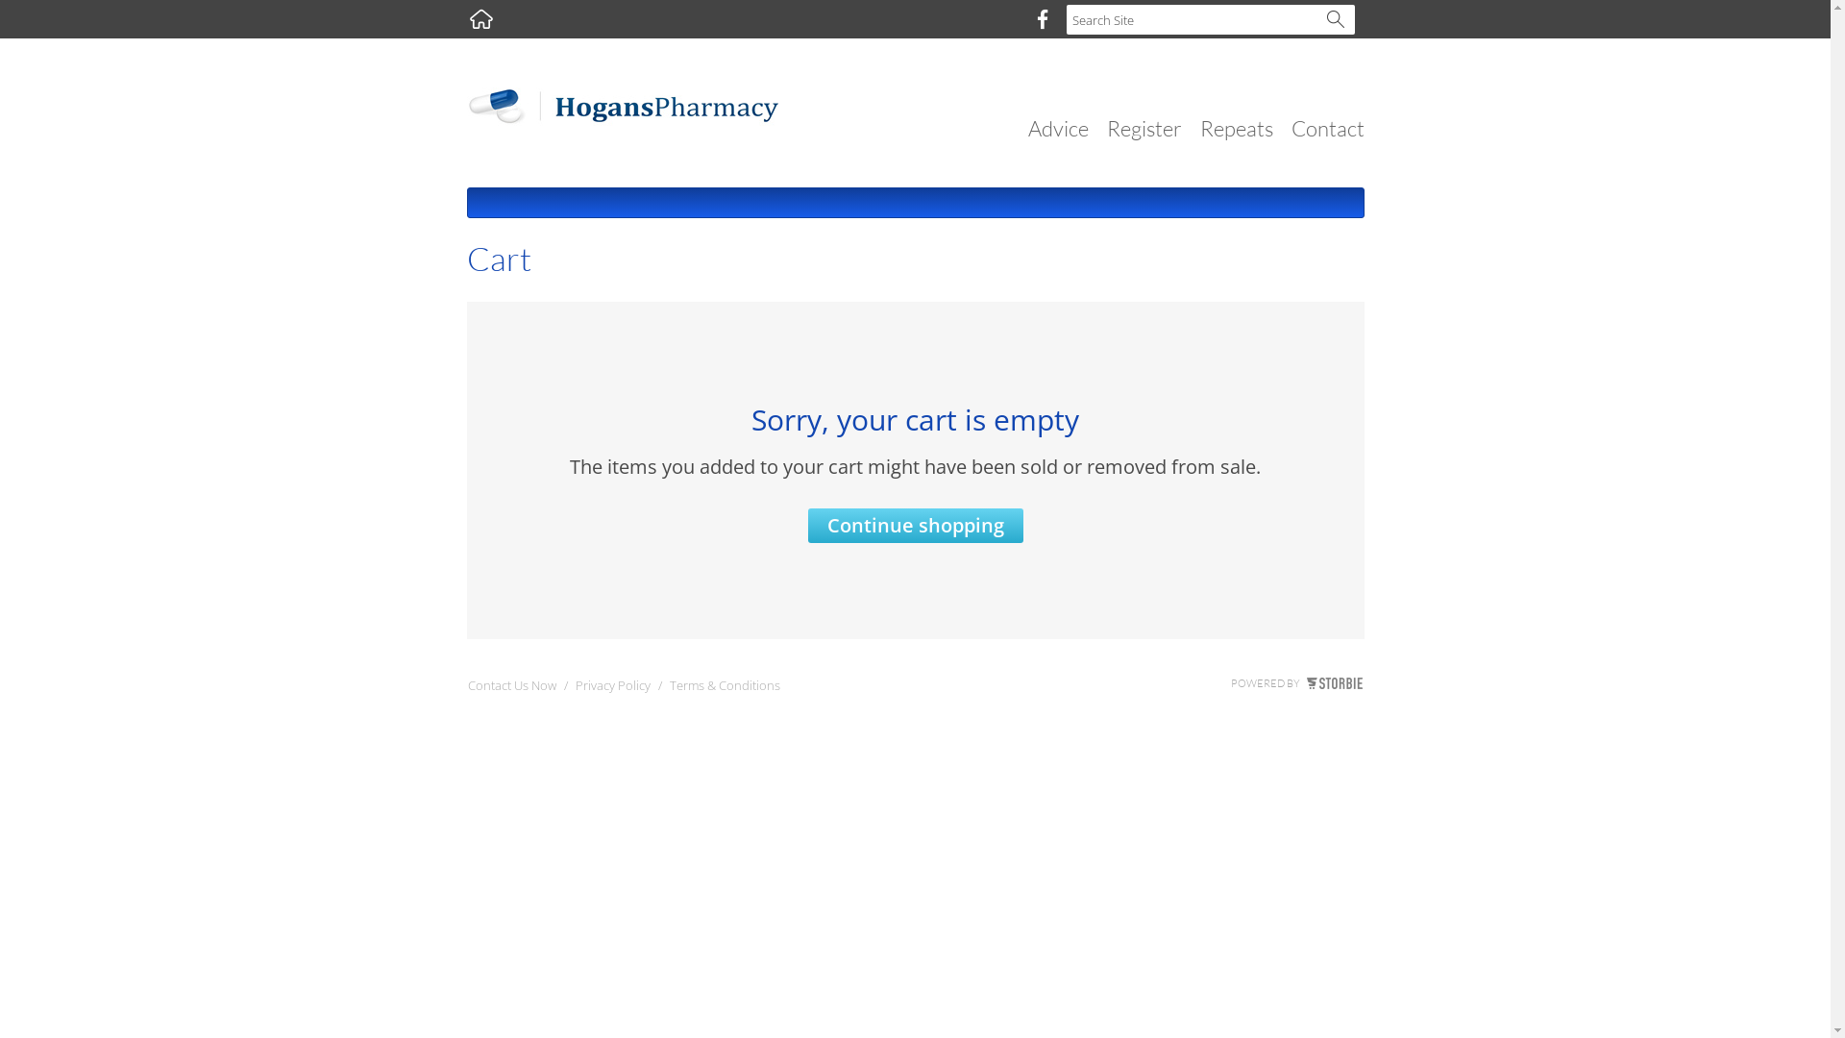 Image resolution: width=1845 pixels, height=1038 pixels. I want to click on 'Facebook', so click(1041, 18).